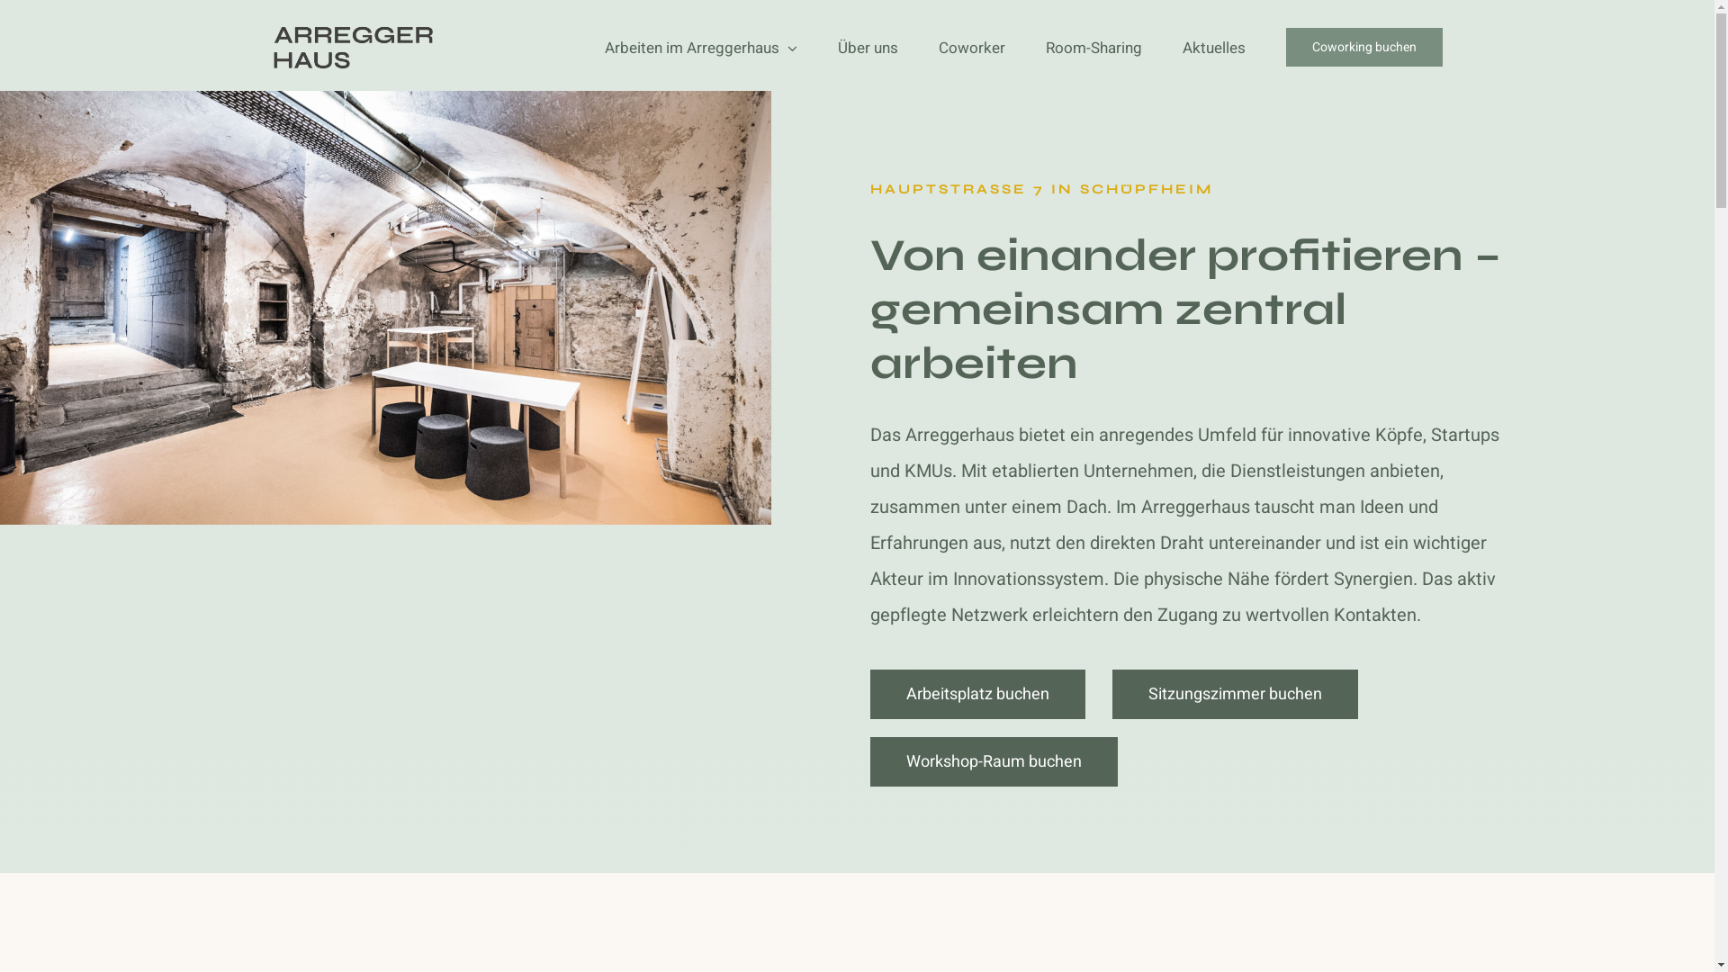 The width and height of the screenshot is (1728, 972). What do you see at coordinates (970, 46) in the screenshot?
I see `'Coworker'` at bounding box center [970, 46].